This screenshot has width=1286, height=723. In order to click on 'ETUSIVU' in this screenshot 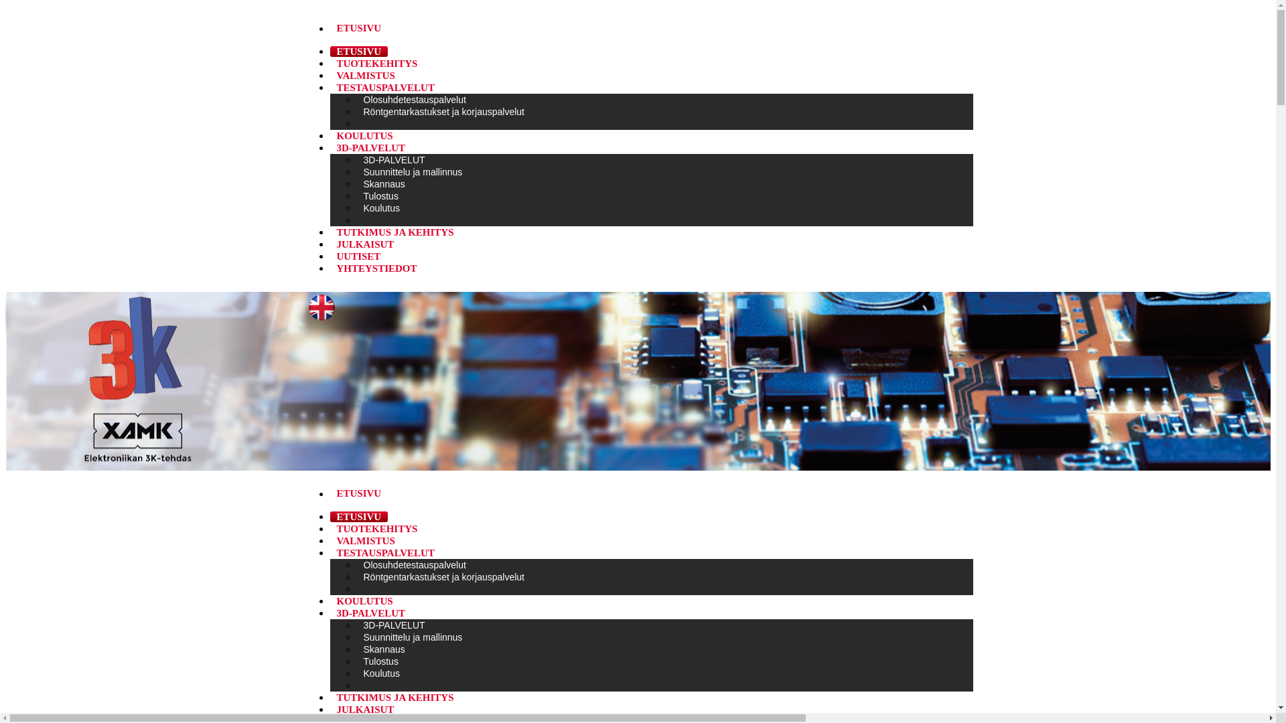, I will do `click(329, 515)`.